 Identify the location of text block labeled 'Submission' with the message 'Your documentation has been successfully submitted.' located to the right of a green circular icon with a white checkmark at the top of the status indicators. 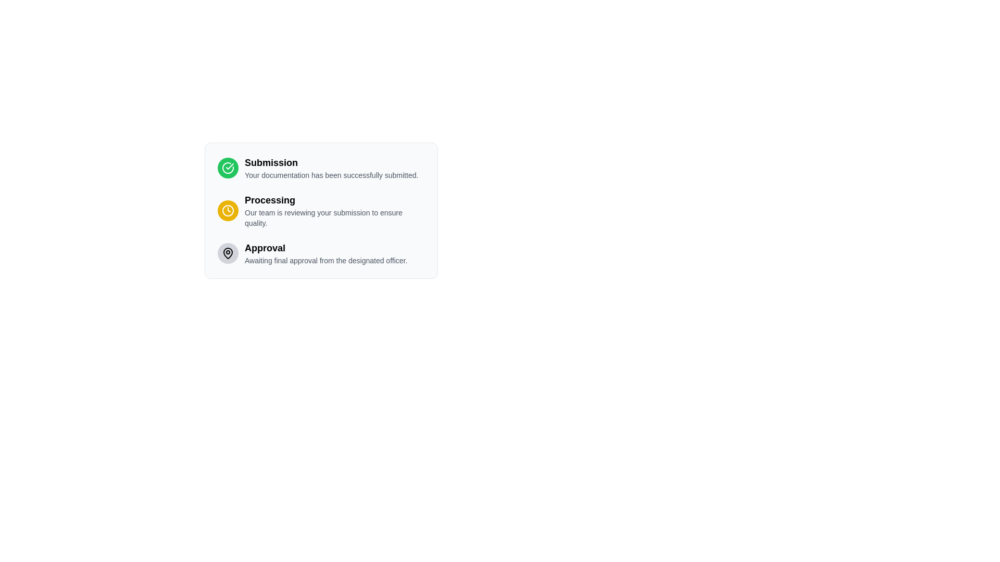
(331, 168).